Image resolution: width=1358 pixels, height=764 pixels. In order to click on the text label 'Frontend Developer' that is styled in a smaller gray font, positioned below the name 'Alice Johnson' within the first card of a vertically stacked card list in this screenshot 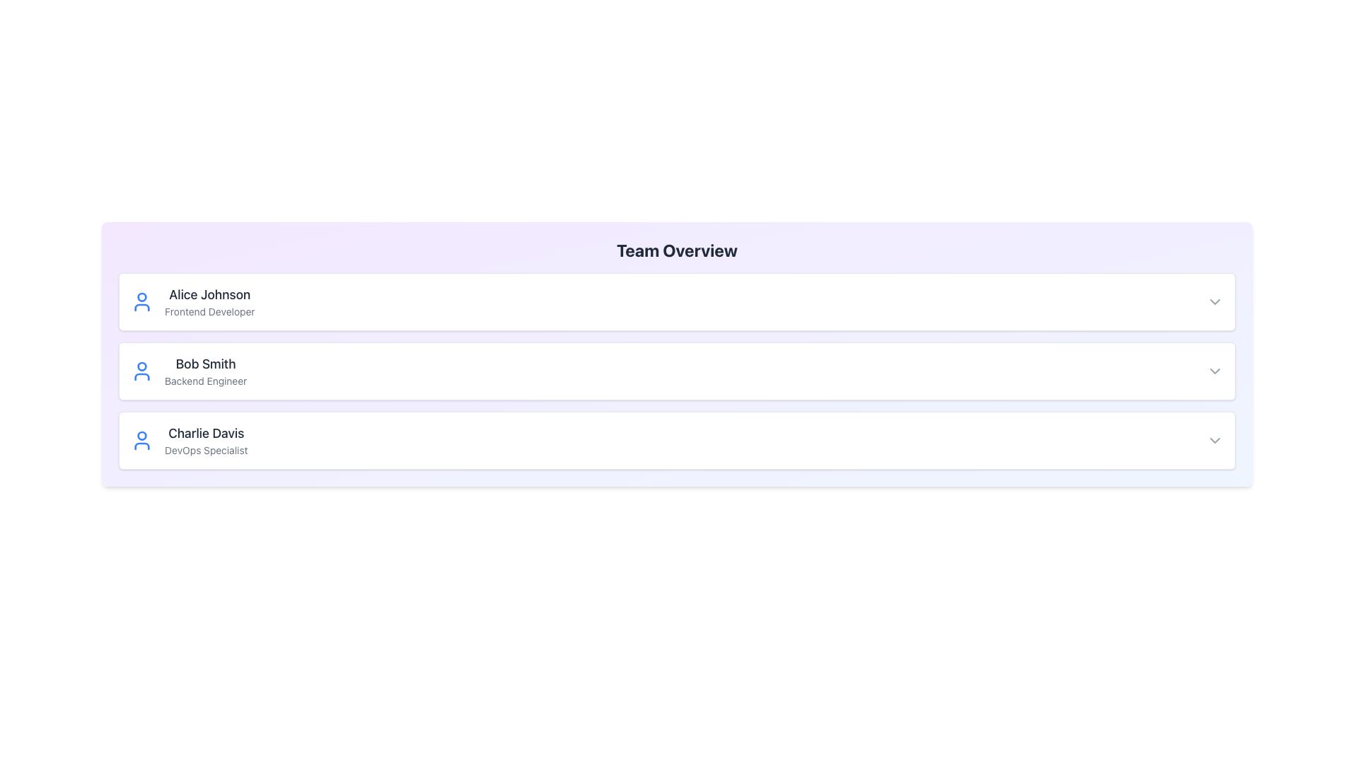, I will do `click(209, 311)`.